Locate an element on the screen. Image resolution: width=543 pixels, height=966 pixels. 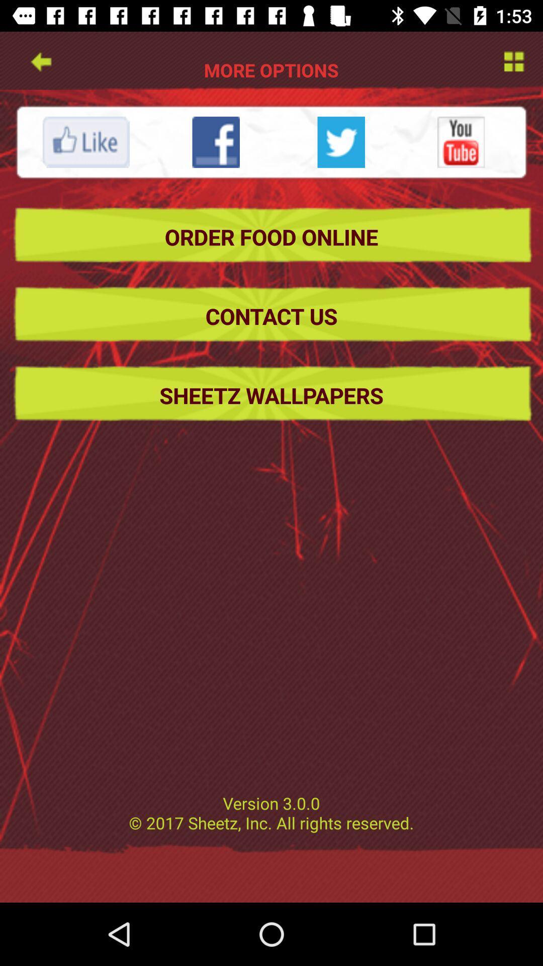
back is located at coordinates (40, 60).